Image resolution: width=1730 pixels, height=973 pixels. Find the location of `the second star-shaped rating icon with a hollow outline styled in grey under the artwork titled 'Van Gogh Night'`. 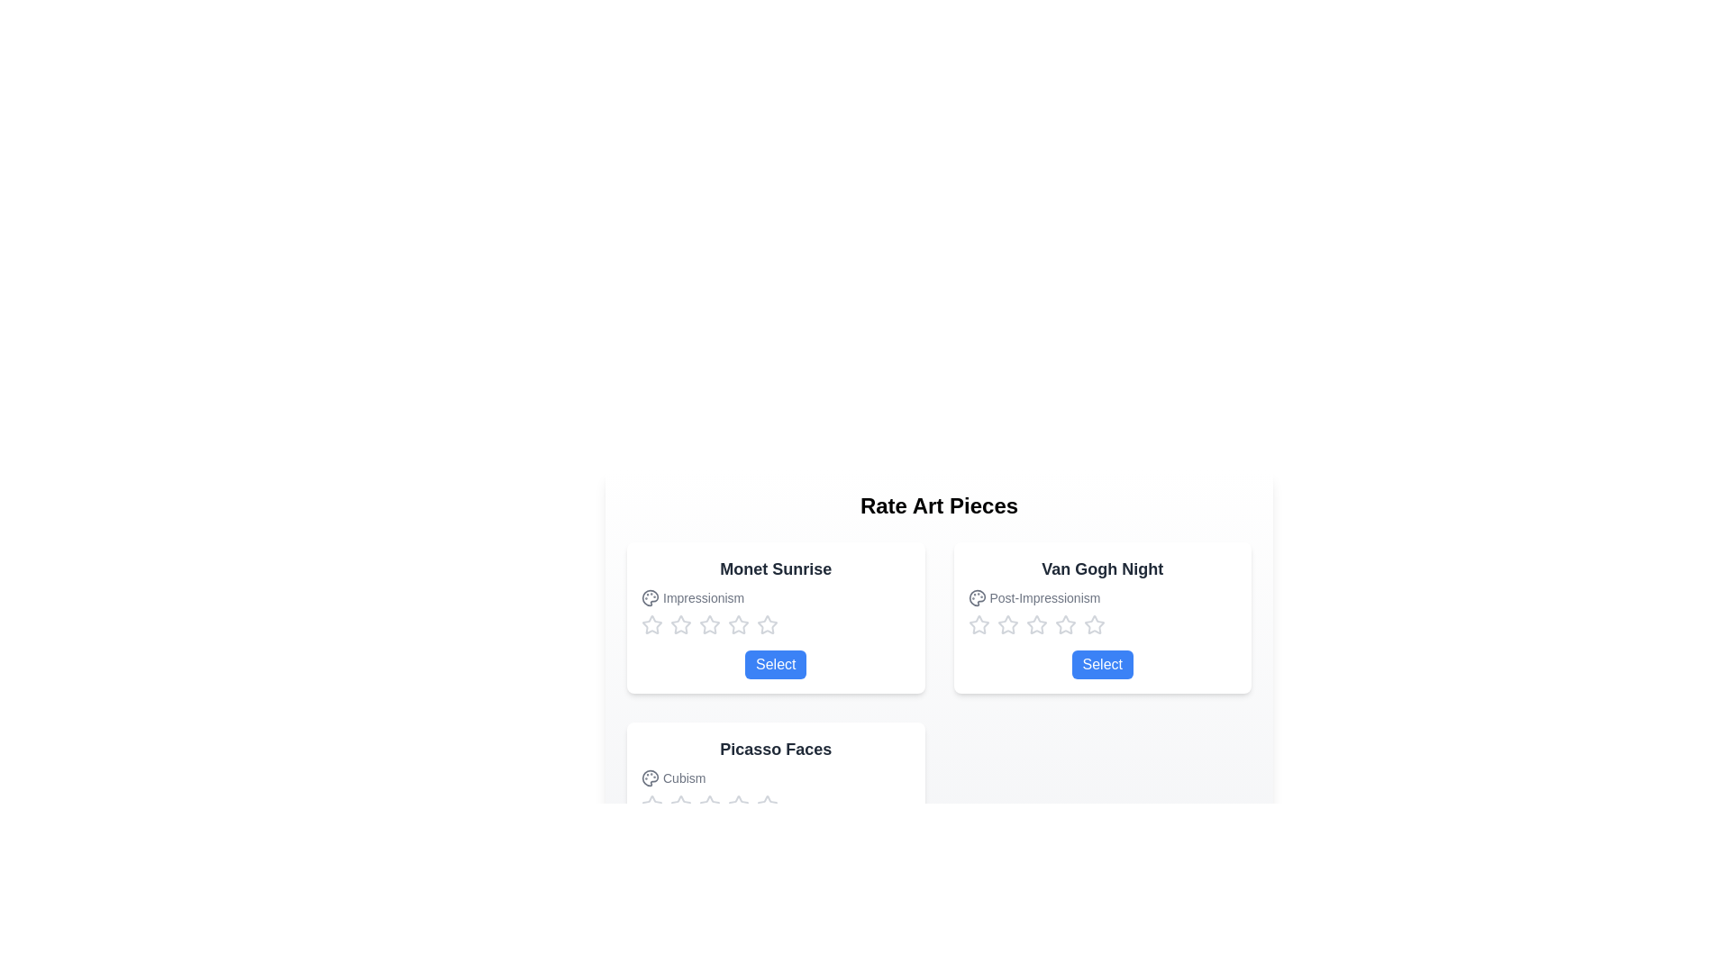

the second star-shaped rating icon with a hollow outline styled in grey under the artwork titled 'Van Gogh Night' is located at coordinates (1065, 623).